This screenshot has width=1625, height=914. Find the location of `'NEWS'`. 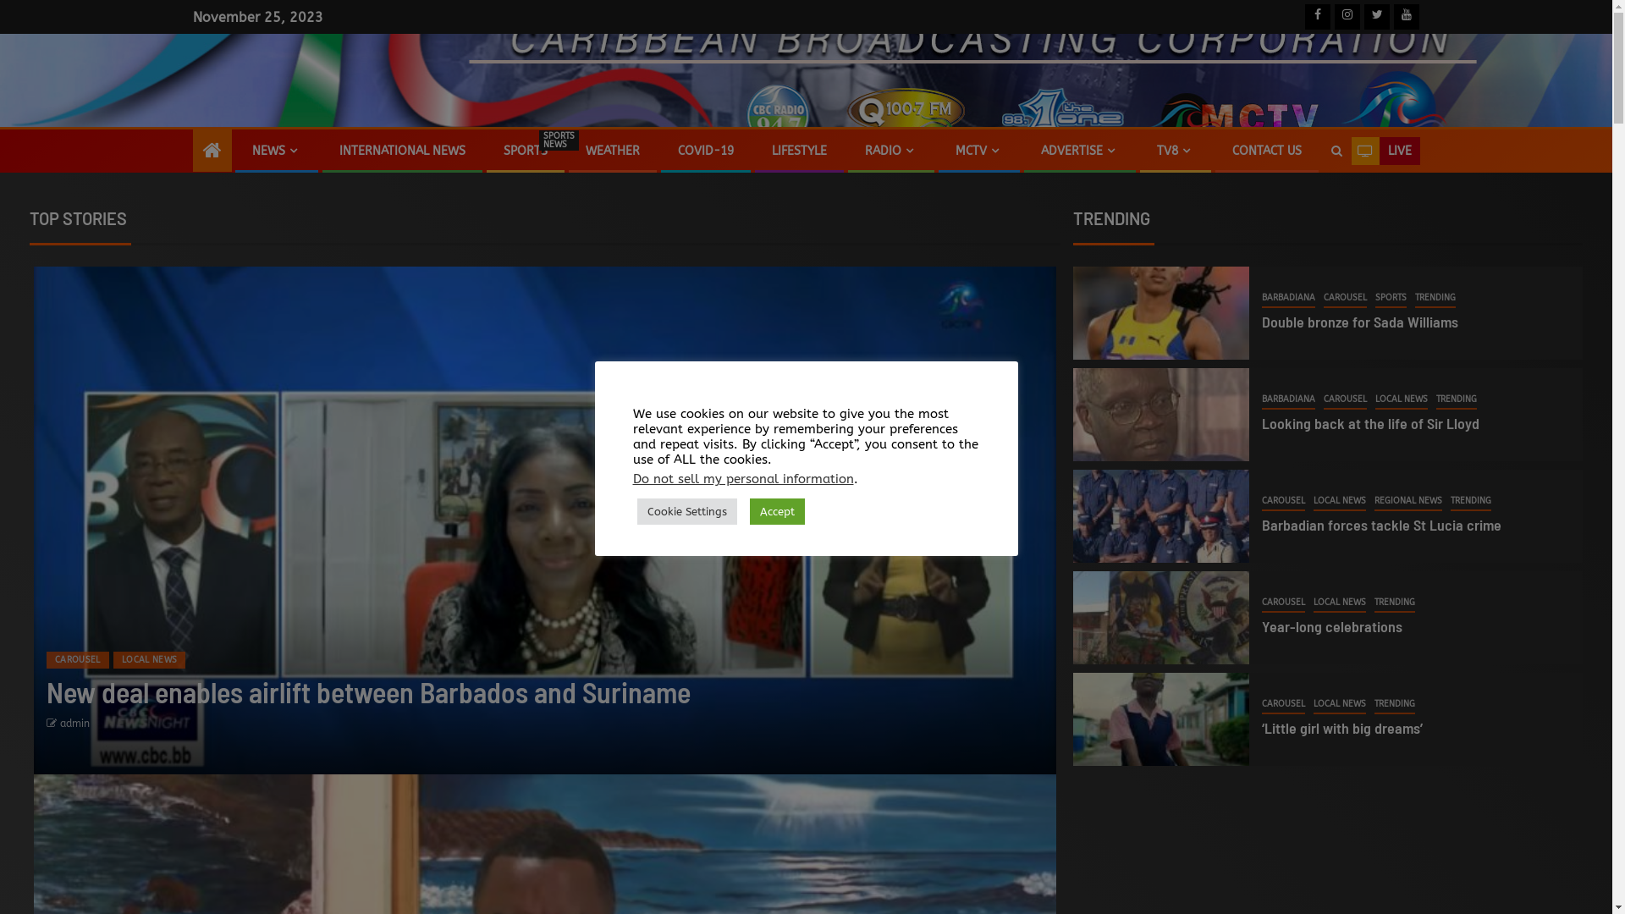

'NEWS' is located at coordinates (276, 150).